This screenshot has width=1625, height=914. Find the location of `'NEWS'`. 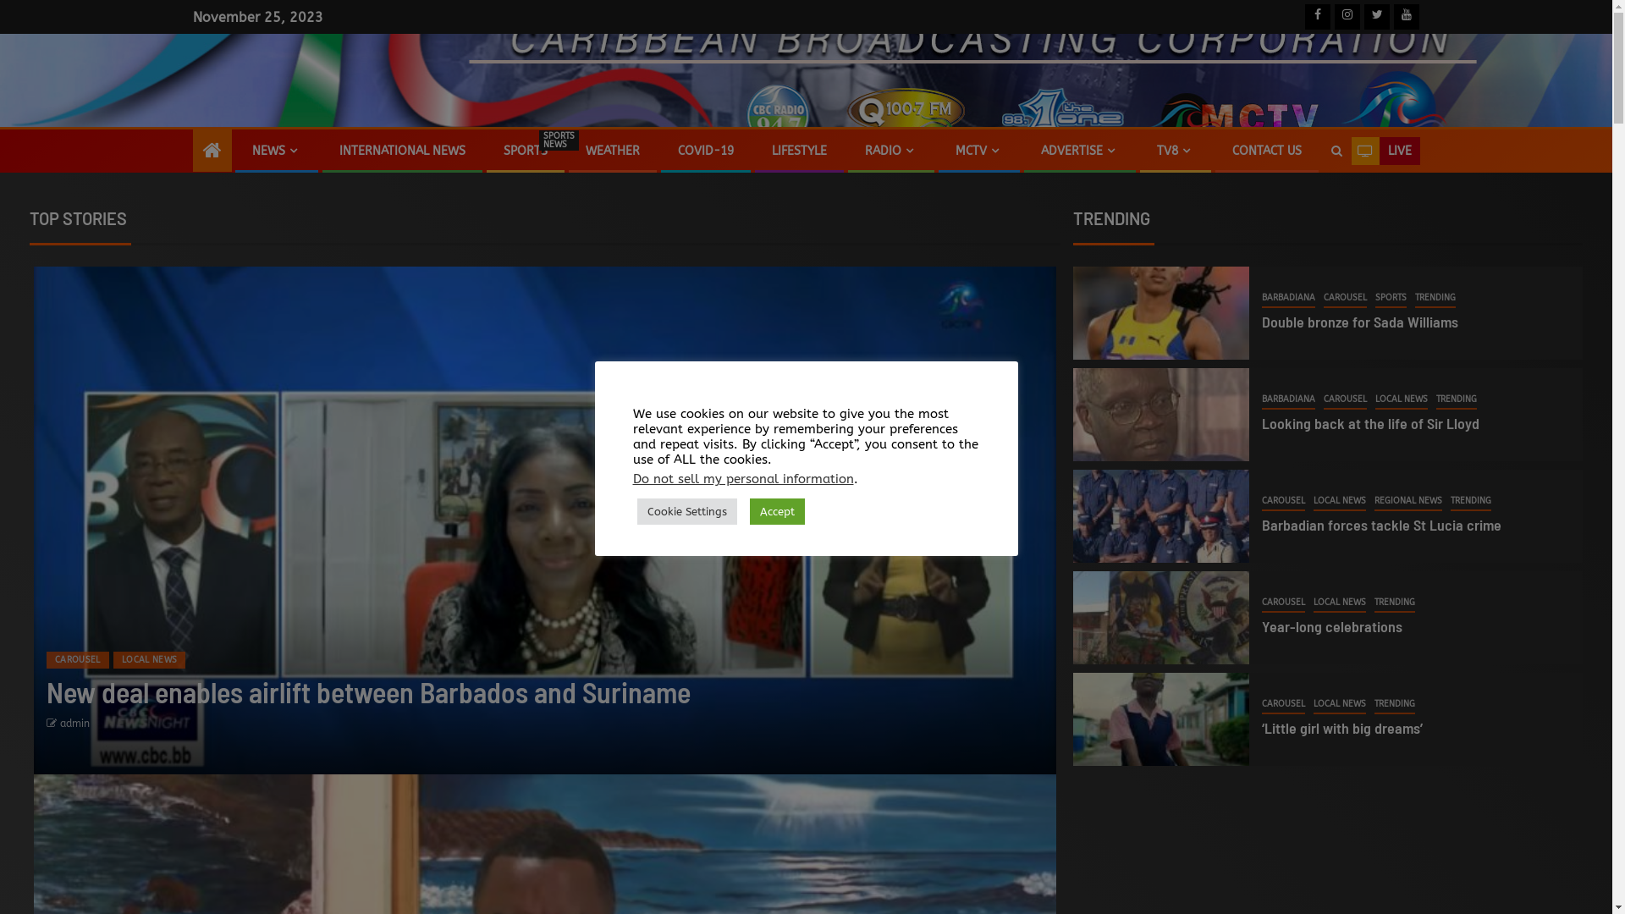

'NEWS' is located at coordinates (276, 150).